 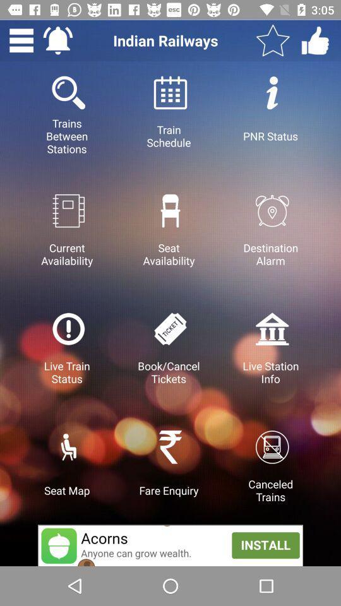 What do you see at coordinates (272, 40) in the screenshot?
I see `mark favorite option` at bounding box center [272, 40].